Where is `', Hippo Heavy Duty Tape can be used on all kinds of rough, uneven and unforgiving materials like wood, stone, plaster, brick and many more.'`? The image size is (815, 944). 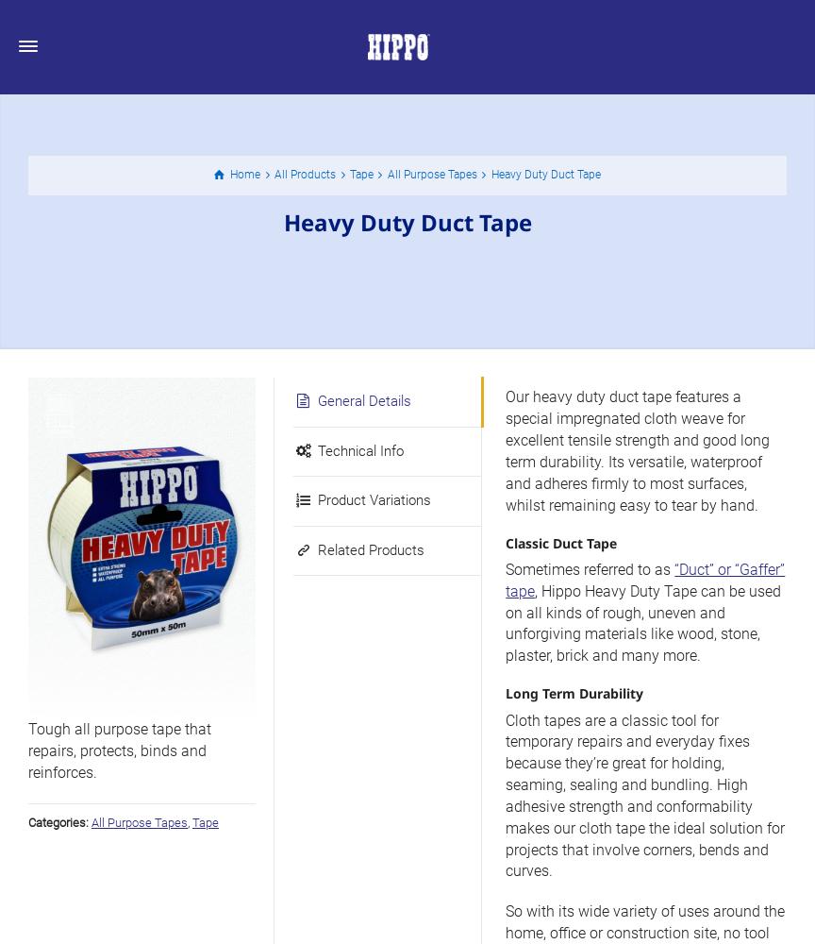 ', Hippo Heavy Duty Tape can be used on all kinds of rough, uneven and unforgiving materials like wood, stone, plaster, brick and many more.' is located at coordinates (643, 623).